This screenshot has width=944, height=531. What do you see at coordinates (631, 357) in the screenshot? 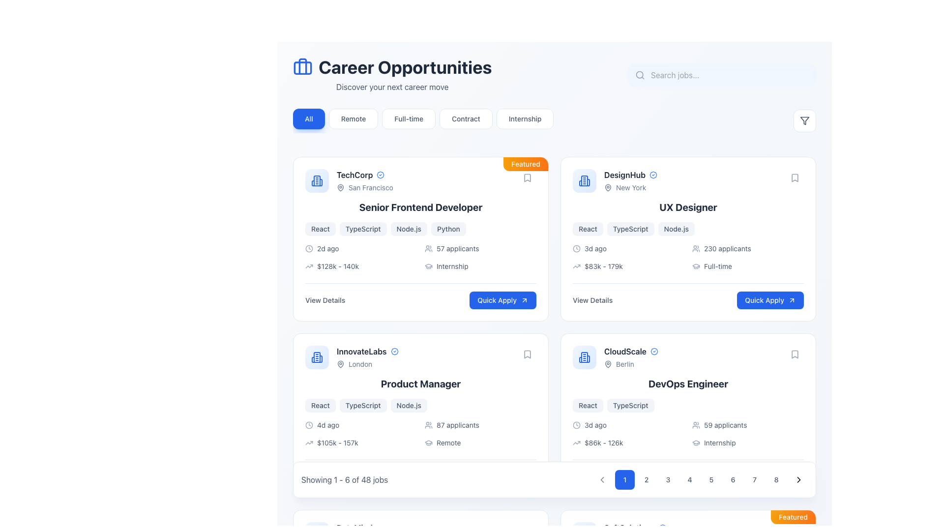
I see `the Label element that identifies the company 'CloudScale' and its location 'Berlin', located in the bottom-right quarter of the visible grid structure, near the job posting details` at bounding box center [631, 357].